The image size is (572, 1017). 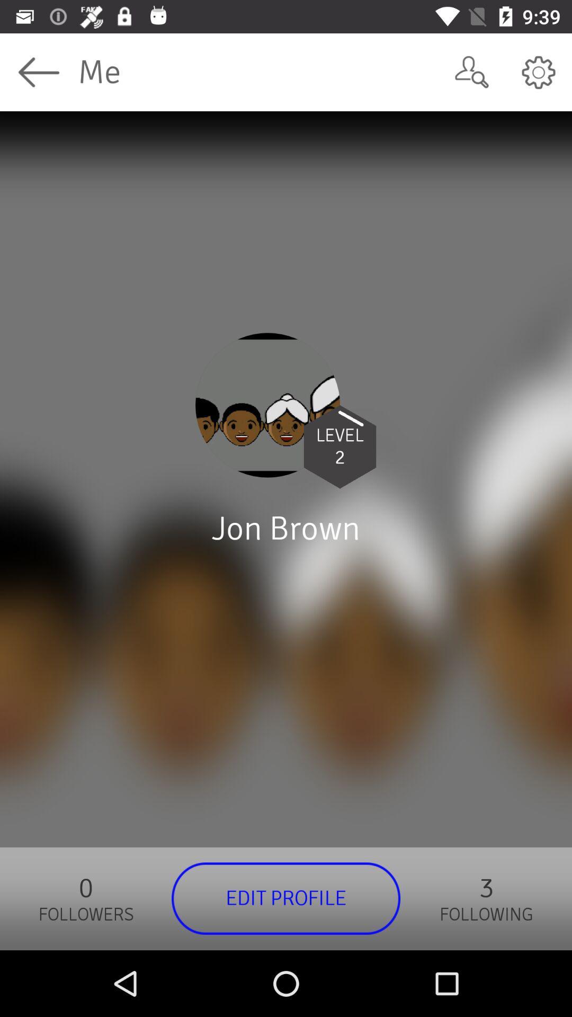 I want to click on icon next to the me icon, so click(x=38, y=72).